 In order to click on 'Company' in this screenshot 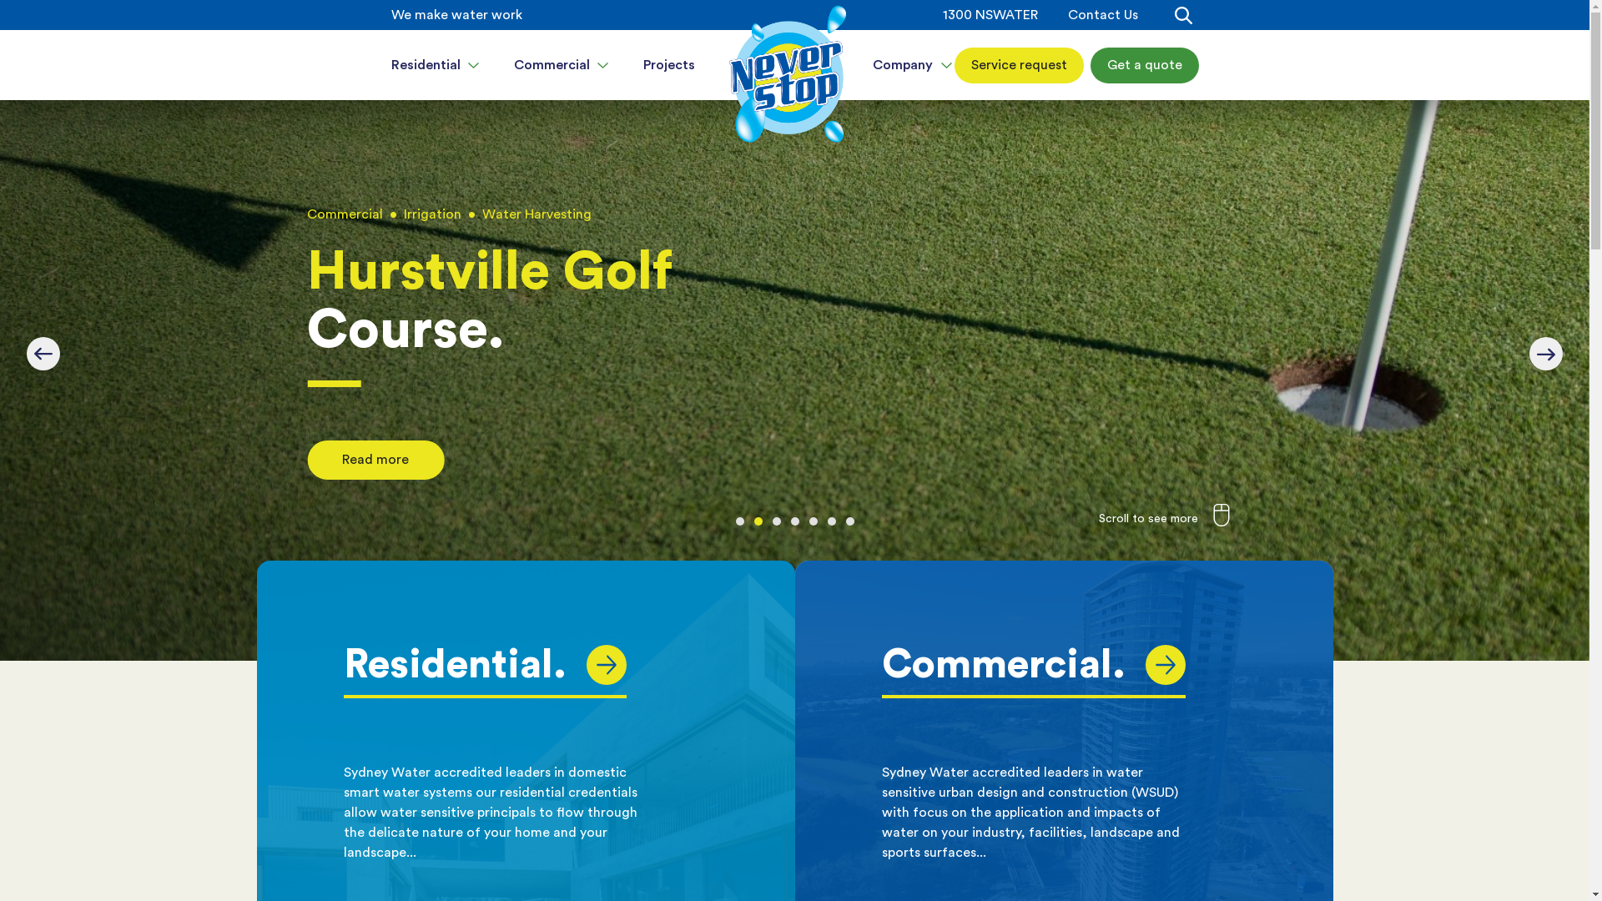, I will do `click(912, 63)`.